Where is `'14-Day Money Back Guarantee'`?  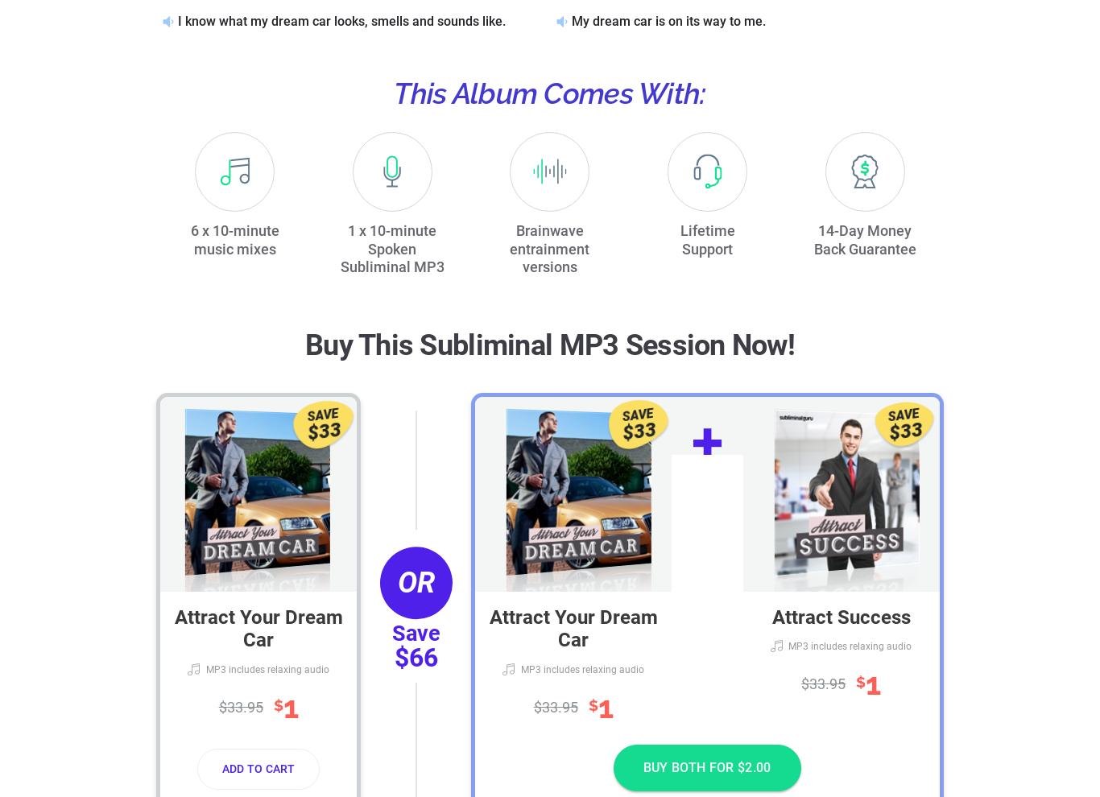 '14-Day Money Back Guarantee' is located at coordinates (863, 239).